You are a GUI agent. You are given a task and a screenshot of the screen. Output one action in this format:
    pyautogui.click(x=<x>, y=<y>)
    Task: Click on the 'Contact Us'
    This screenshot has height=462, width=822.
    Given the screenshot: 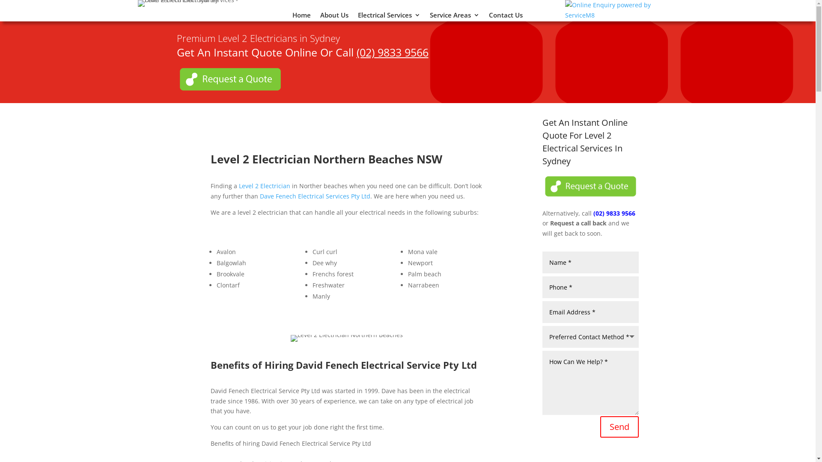 What is the action you would take?
    pyautogui.click(x=506, y=16)
    